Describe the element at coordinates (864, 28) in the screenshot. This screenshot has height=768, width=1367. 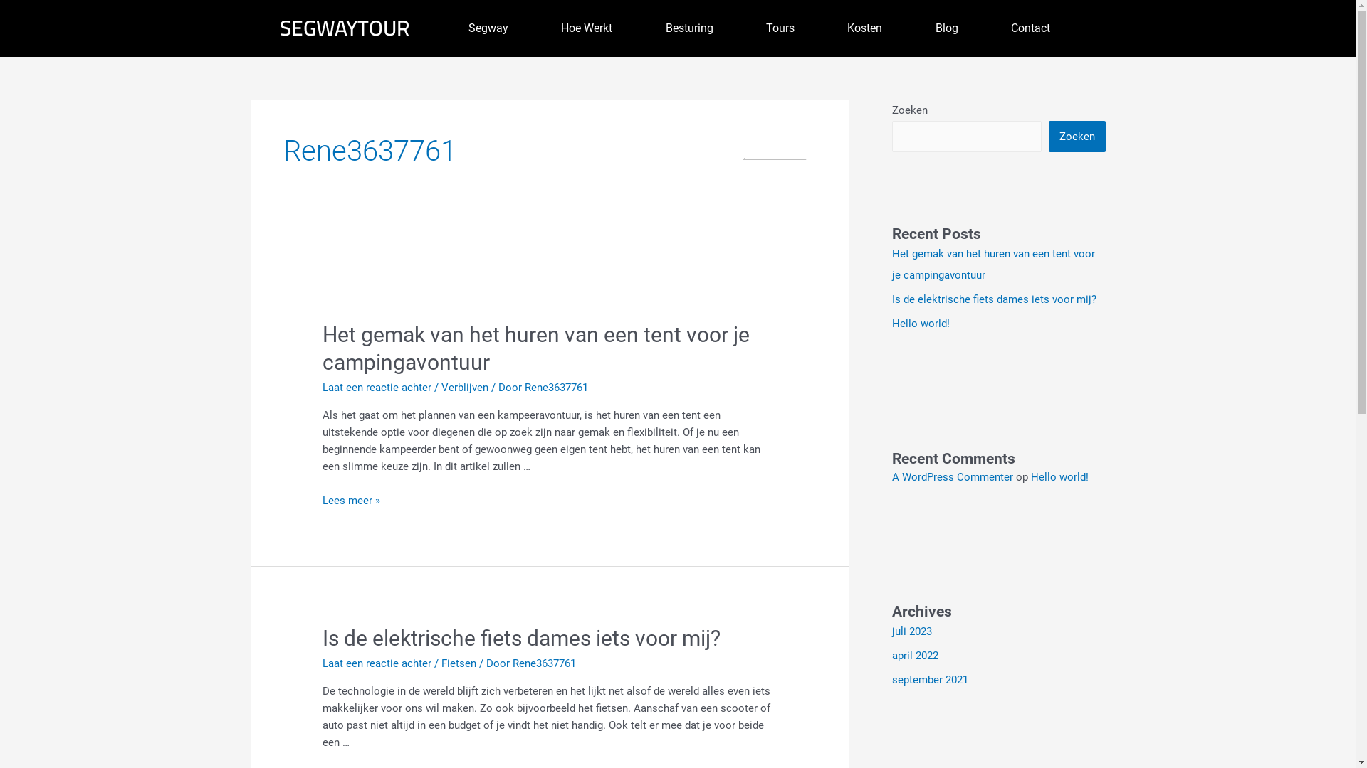
I see `'Kosten'` at that location.